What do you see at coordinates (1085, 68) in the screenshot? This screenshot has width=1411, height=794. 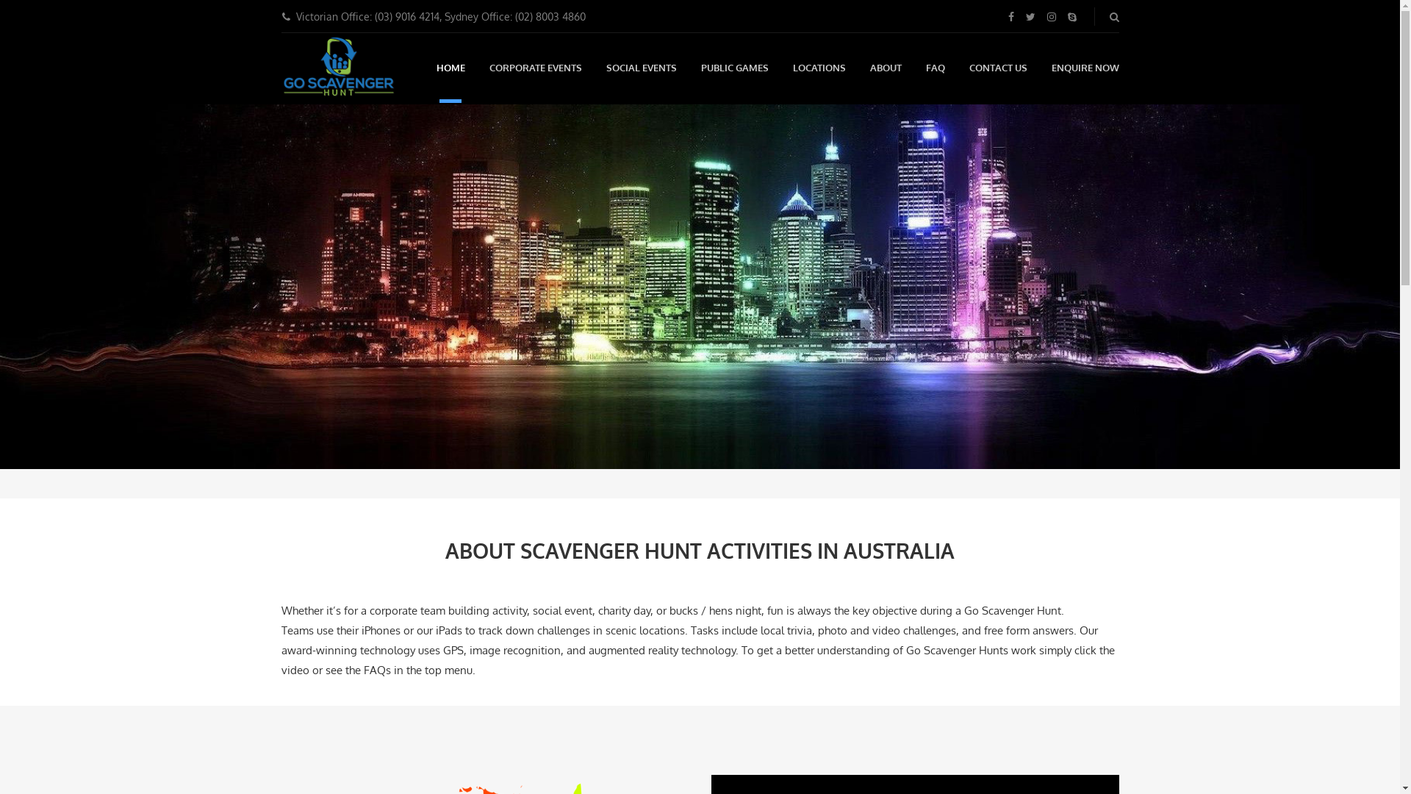 I see `'ENQUIRE NOW'` at bounding box center [1085, 68].